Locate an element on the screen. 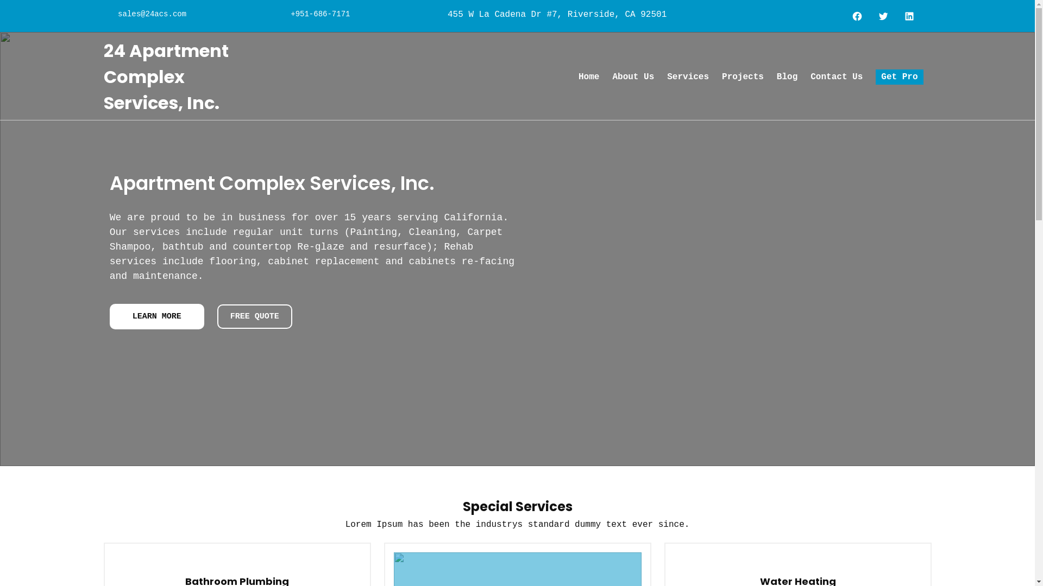  '24 Apartment Complex Services, Inc.' is located at coordinates (165, 76).